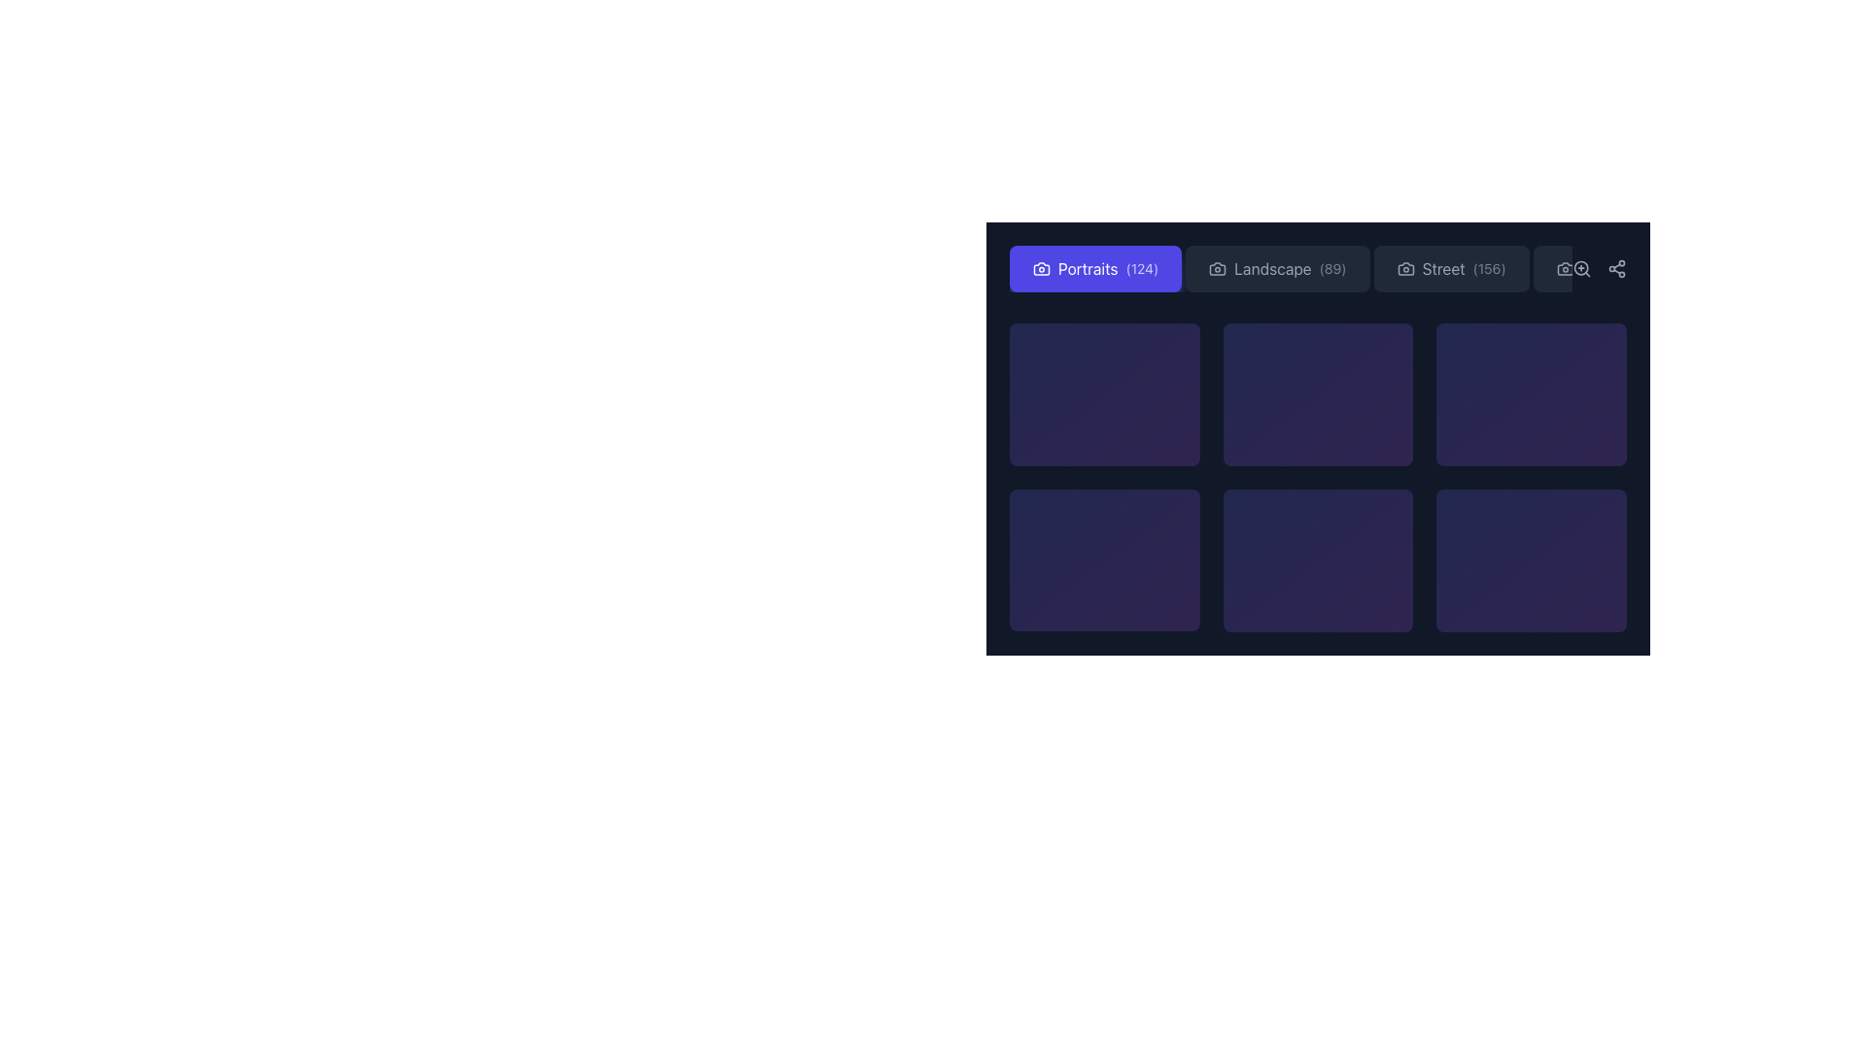 The image size is (1866, 1049). I want to click on the rectangular card with rounded corners that features a gradient background transitioning from indigo to purple, located in the last column of the second row of the grid layout, so click(1531, 560).